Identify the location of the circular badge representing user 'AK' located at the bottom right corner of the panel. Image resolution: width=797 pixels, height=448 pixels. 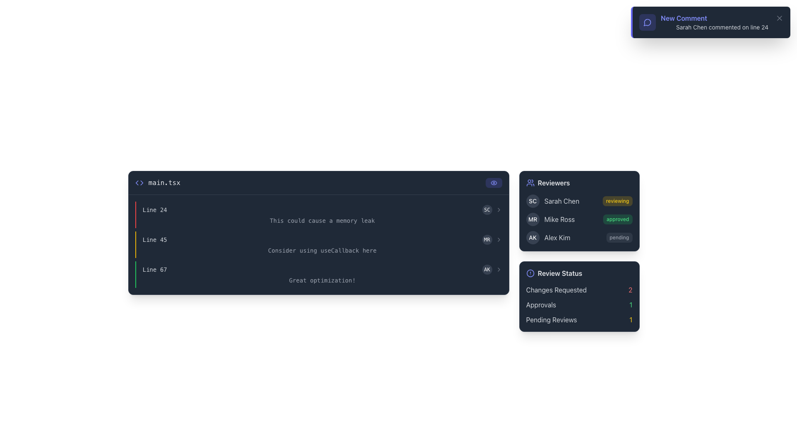
(487, 270).